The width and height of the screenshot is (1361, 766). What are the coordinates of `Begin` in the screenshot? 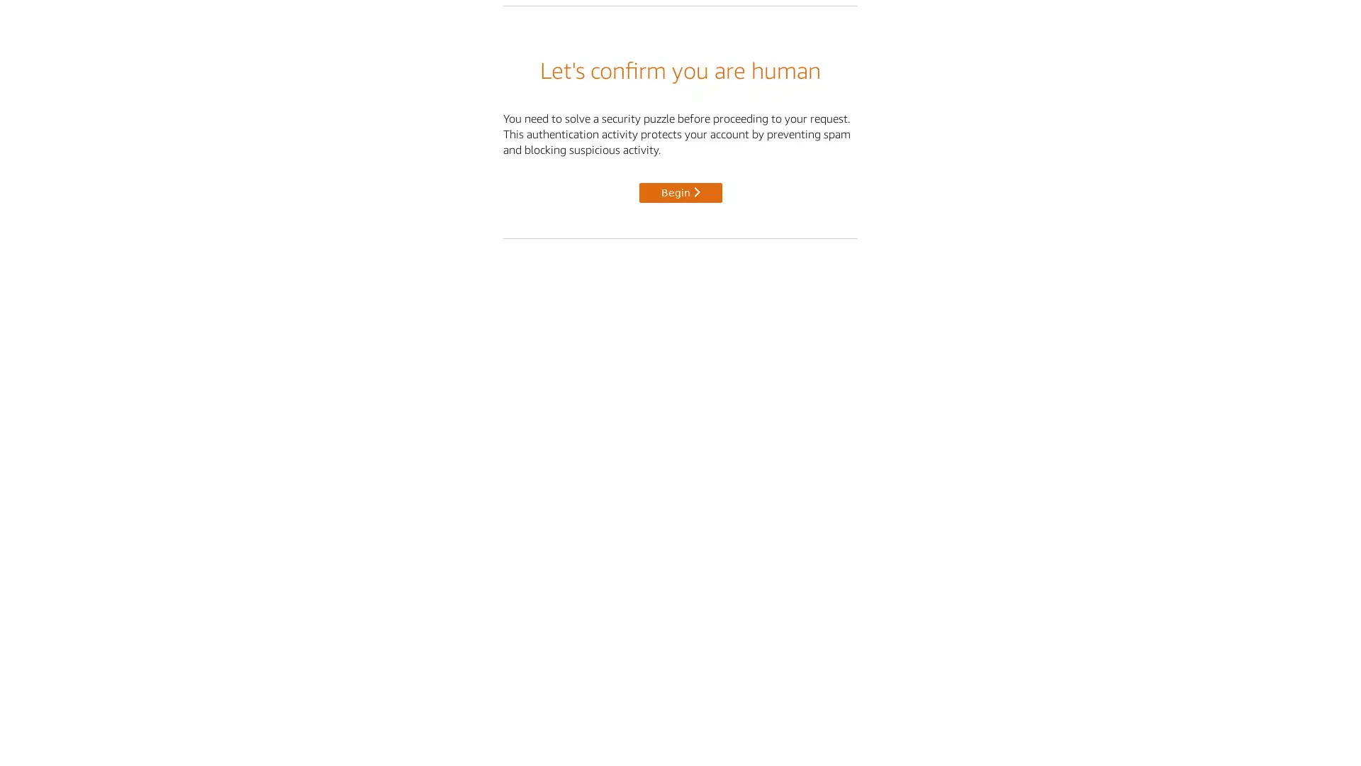 It's located at (679, 191).